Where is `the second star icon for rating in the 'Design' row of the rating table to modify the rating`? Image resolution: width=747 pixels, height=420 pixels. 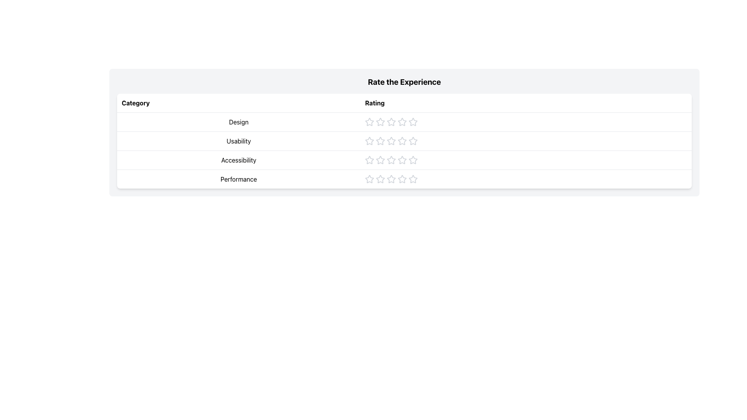 the second star icon for rating in the 'Design' row of the rating table to modify the rating is located at coordinates (391, 121).